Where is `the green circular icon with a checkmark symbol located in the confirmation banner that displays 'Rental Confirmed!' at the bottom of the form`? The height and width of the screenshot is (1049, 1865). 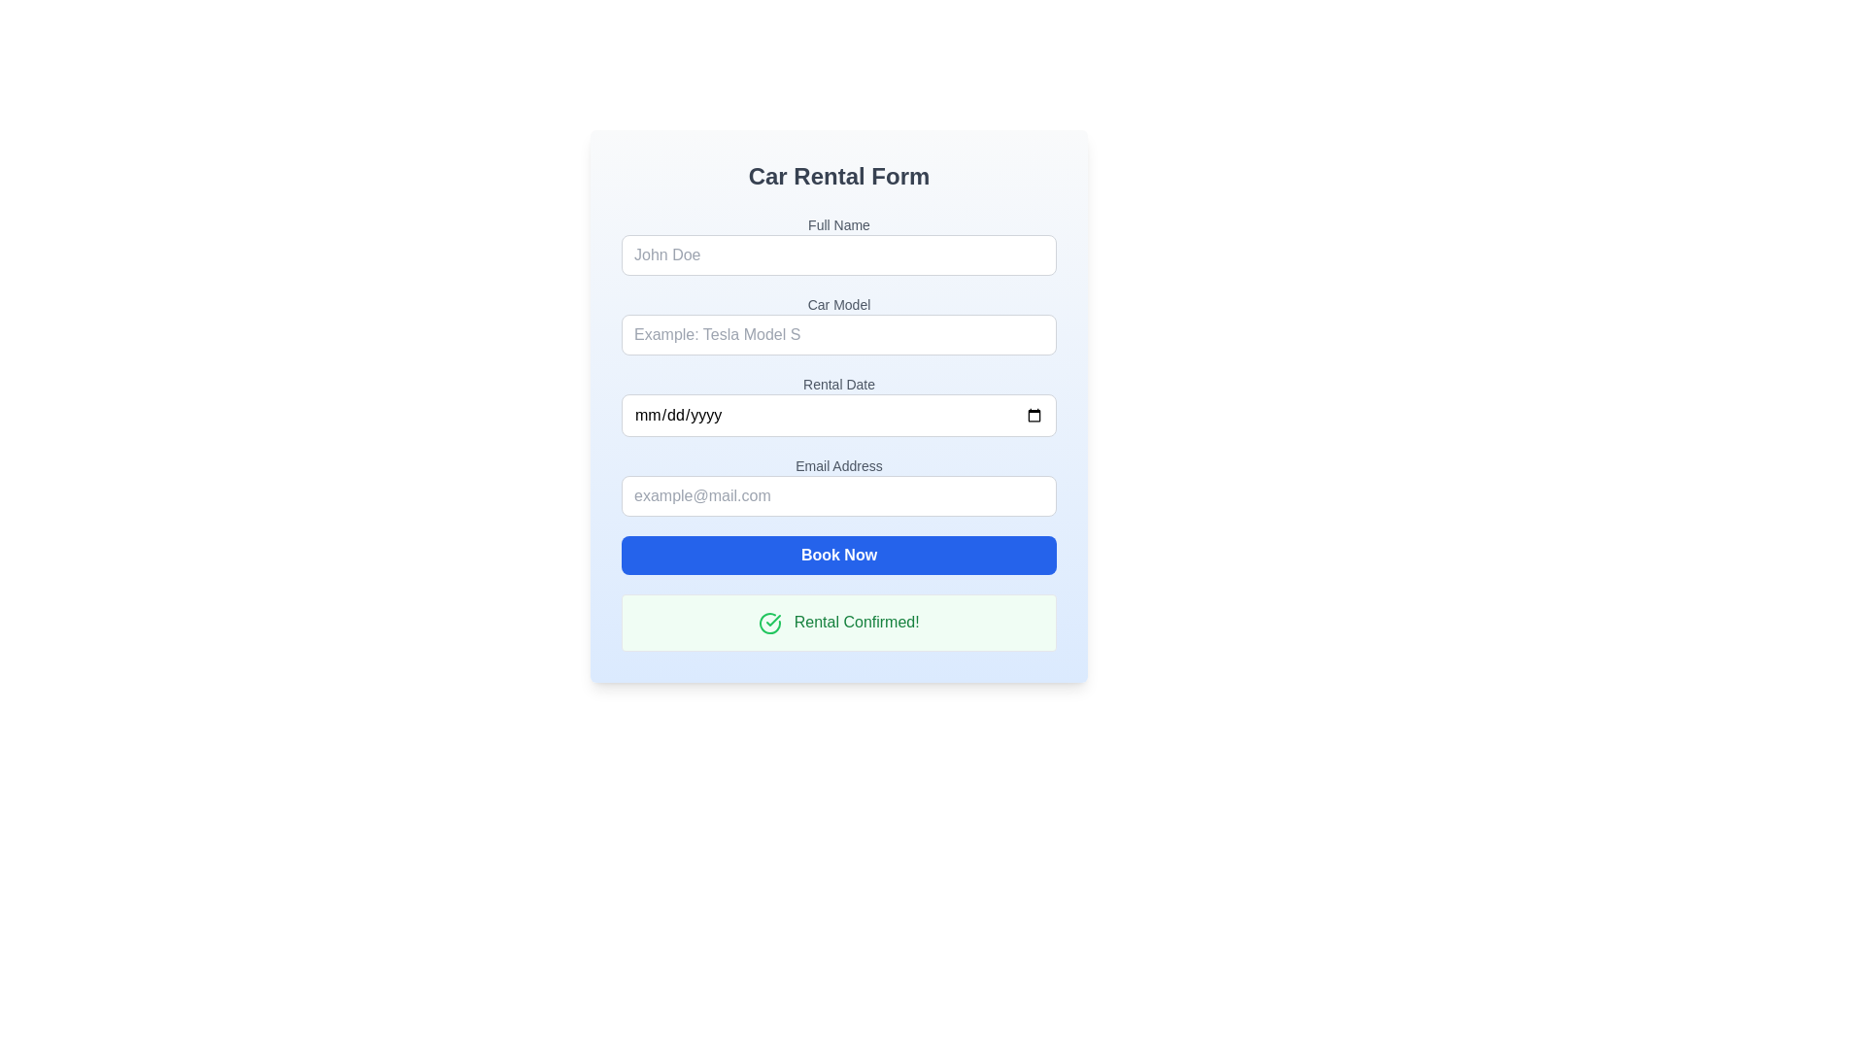 the green circular icon with a checkmark symbol located in the confirmation banner that displays 'Rental Confirmed!' at the bottom of the form is located at coordinates (769, 623).